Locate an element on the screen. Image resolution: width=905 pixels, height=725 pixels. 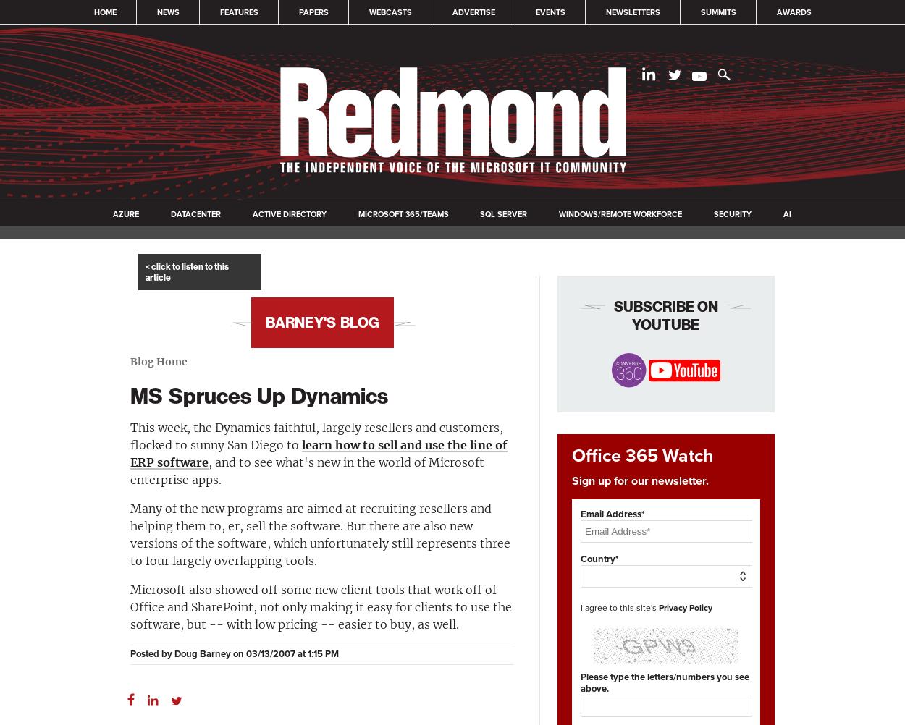
'Active Directory' is located at coordinates (289, 213).